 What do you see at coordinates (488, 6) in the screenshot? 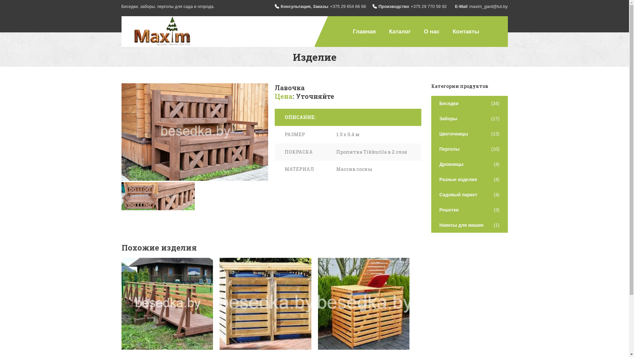
I see `'maxim_gard@tut.by'` at bounding box center [488, 6].